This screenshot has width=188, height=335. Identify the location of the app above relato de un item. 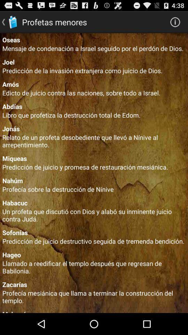
(94, 128).